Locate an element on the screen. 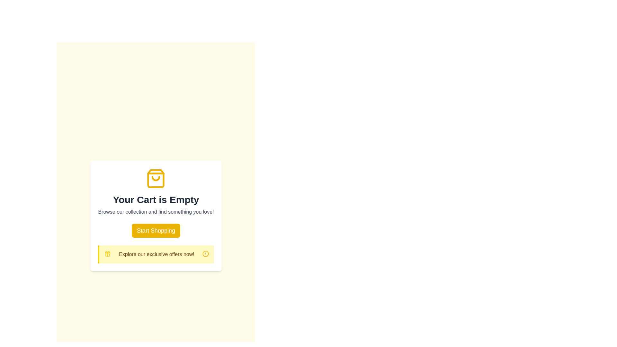 This screenshot has width=617, height=347. the friendly and motivating text block that encourages users is located at coordinates (156, 212).